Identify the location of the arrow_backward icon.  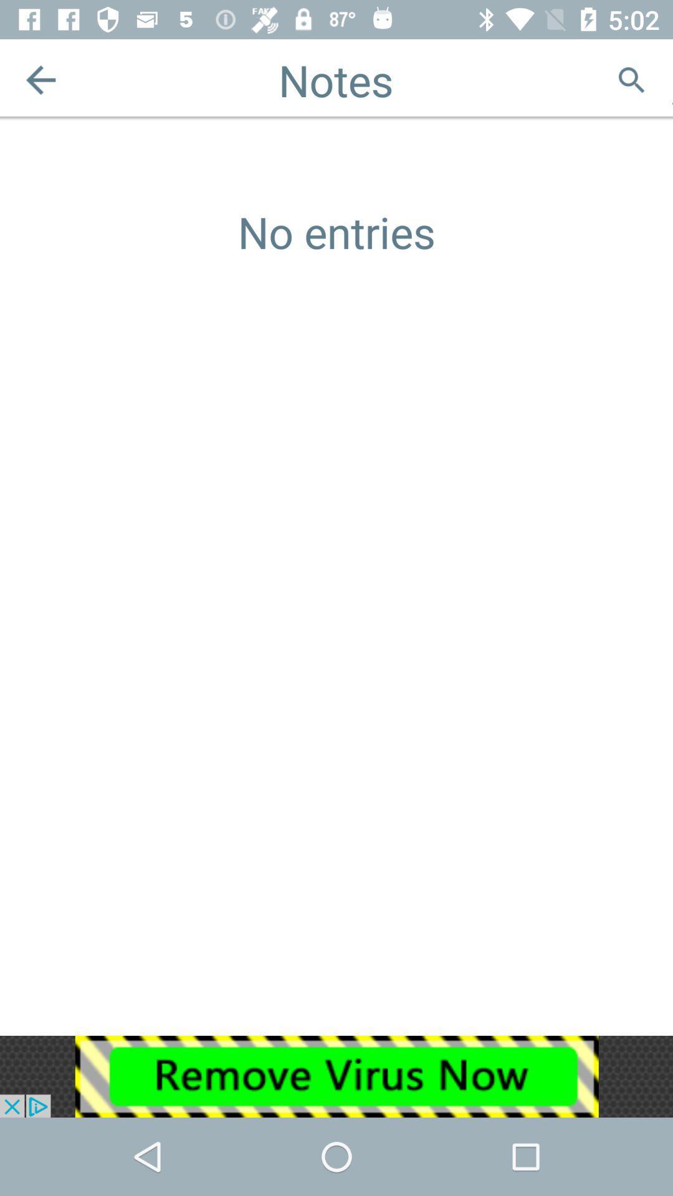
(40, 79).